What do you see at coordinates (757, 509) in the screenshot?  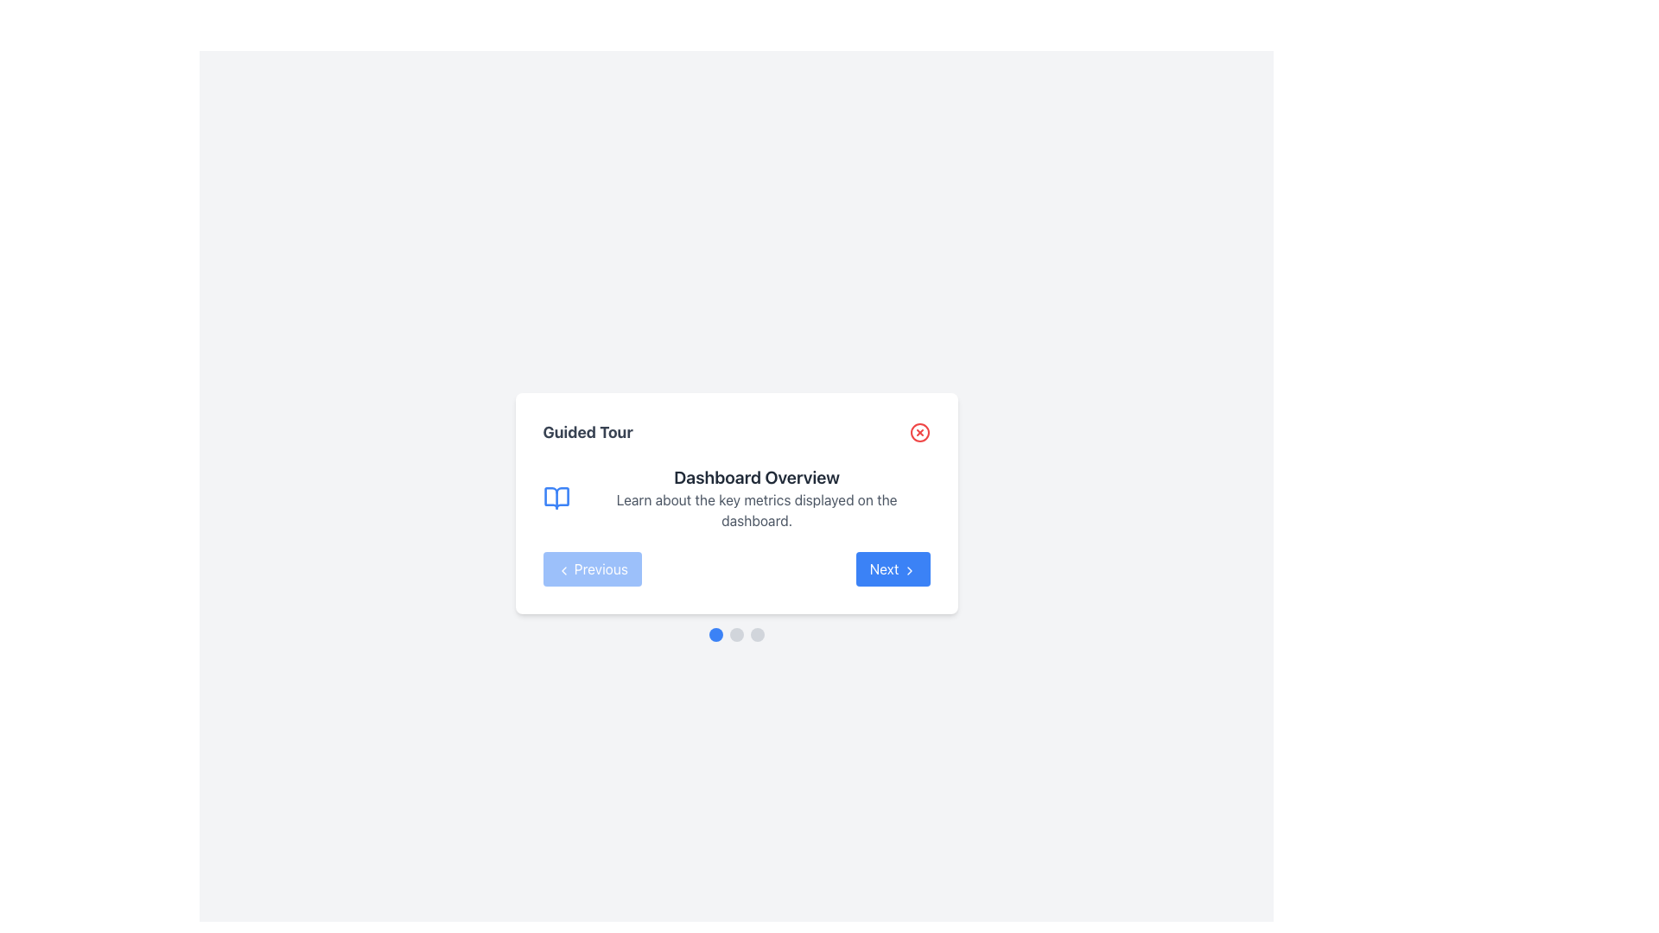 I see `the text block displaying 'Learn about the key metrics displayed on the dashboard.' which is located underneath the title 'Dashboard Overview'` at bounding box center [757, 509].